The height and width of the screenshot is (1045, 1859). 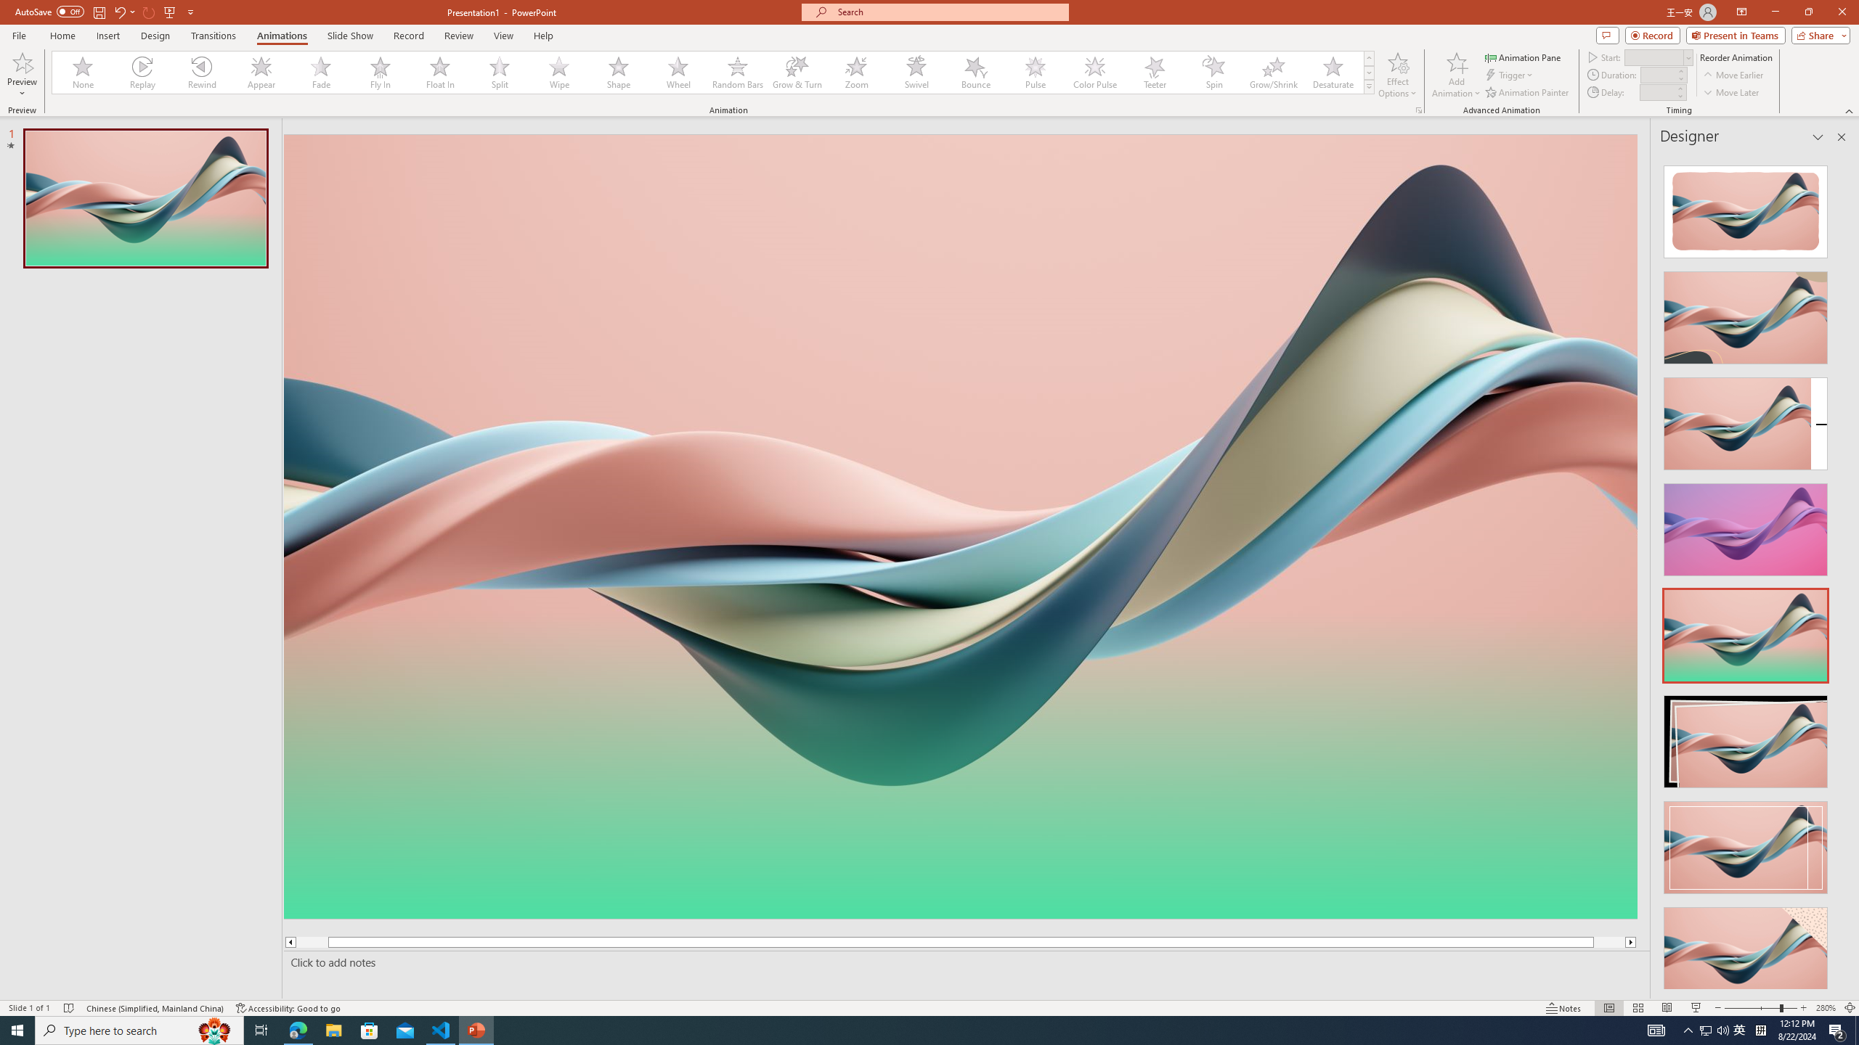 What do you see at coordinates (1272, 72) in the screenshot?
I see `'Grow/Shrink'` at bounding box center [1272, 72].